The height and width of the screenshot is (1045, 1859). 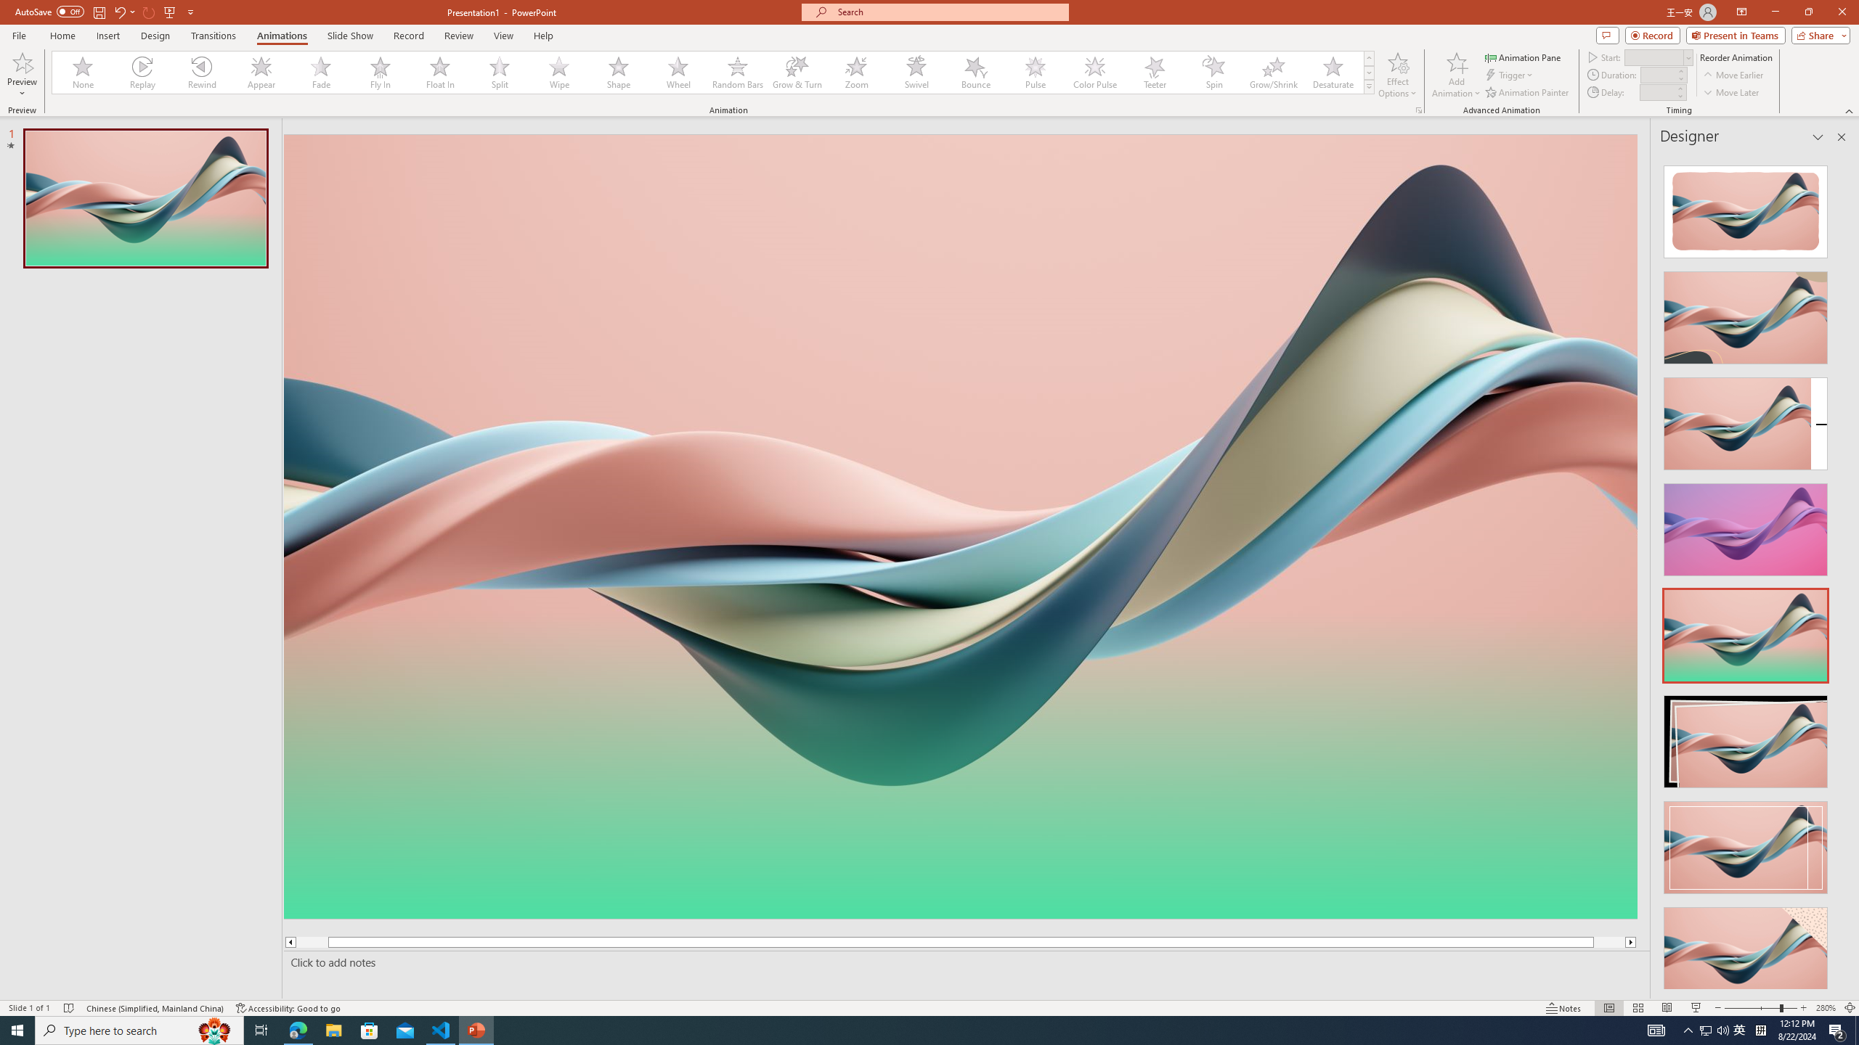 What do you see at coordinates (1272, 72) in the screenshot?
I see `'Grow/Shrink'` at bounding box center [1272, 72].